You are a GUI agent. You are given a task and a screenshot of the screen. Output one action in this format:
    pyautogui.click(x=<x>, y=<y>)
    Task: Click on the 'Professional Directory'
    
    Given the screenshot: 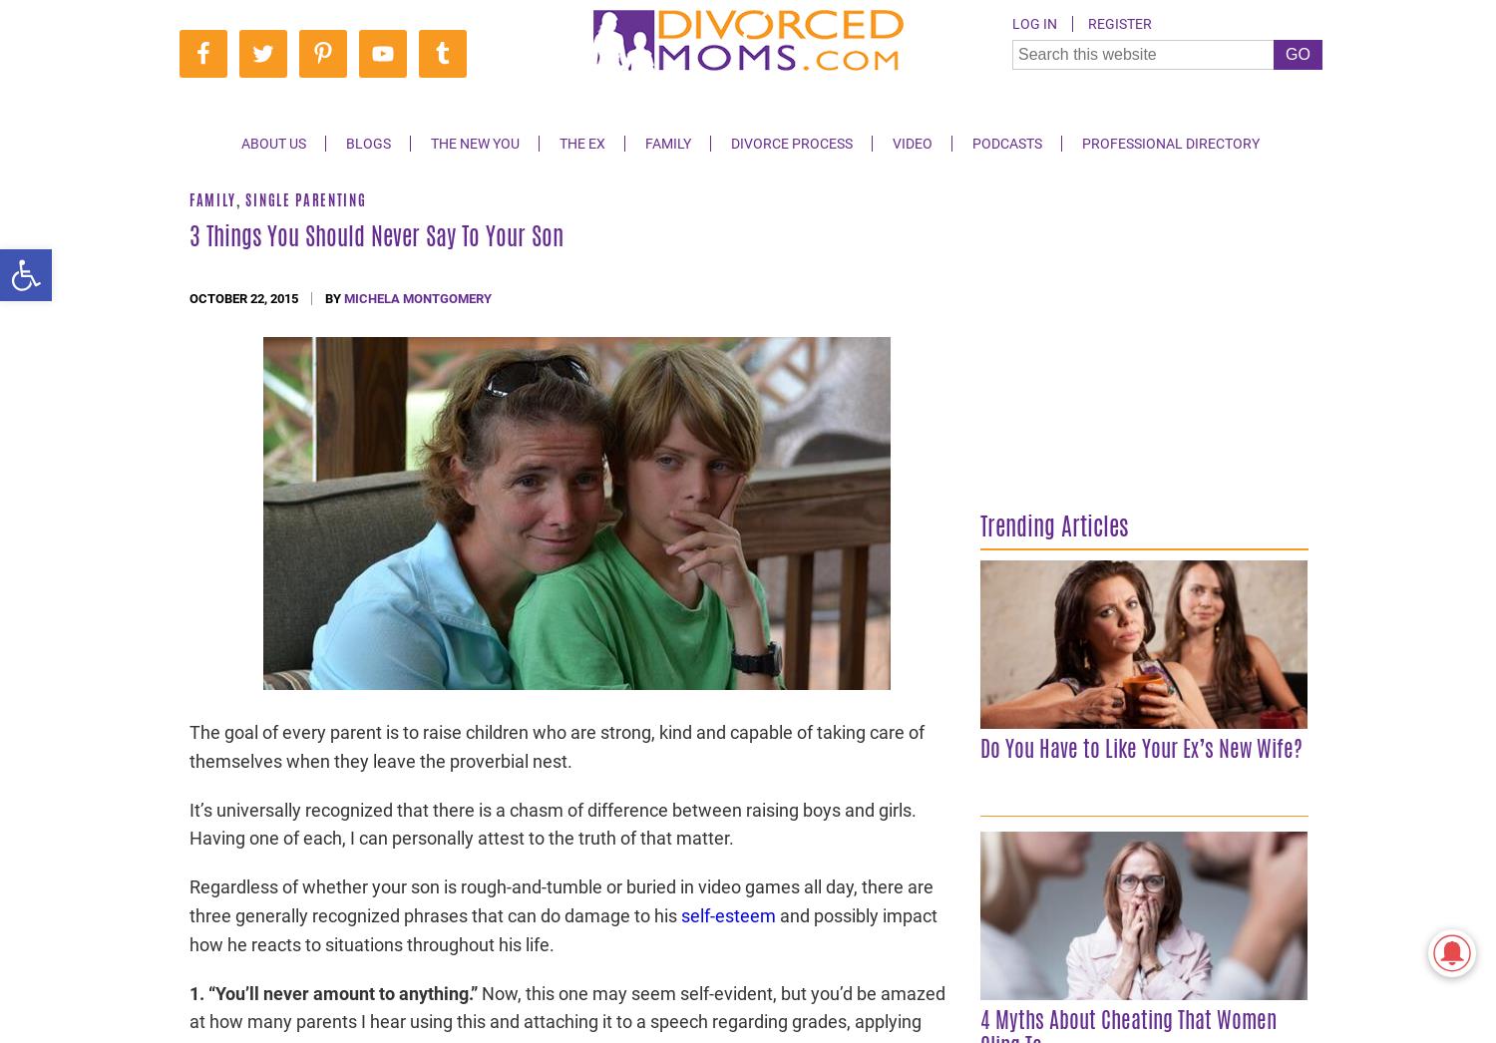 What is the action you would take?
    pyautogui.click(x=1170, y=143)
    